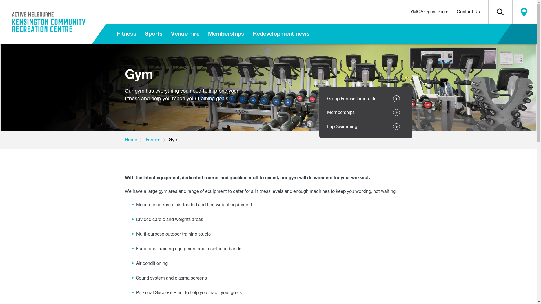 The image size is (541, 304). I want to click on 'Contact Us', so click(468, 12).